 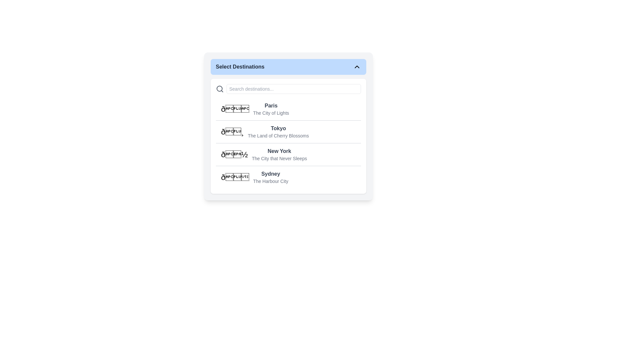 What do you see at coordinates (271, 177) in the screenshot?
I see `the text label 'Sydney' with the subtitle 'The Harbour City' at the bottom of the list in the 'Select Destinations' modal` at bounding box center [271, 177].